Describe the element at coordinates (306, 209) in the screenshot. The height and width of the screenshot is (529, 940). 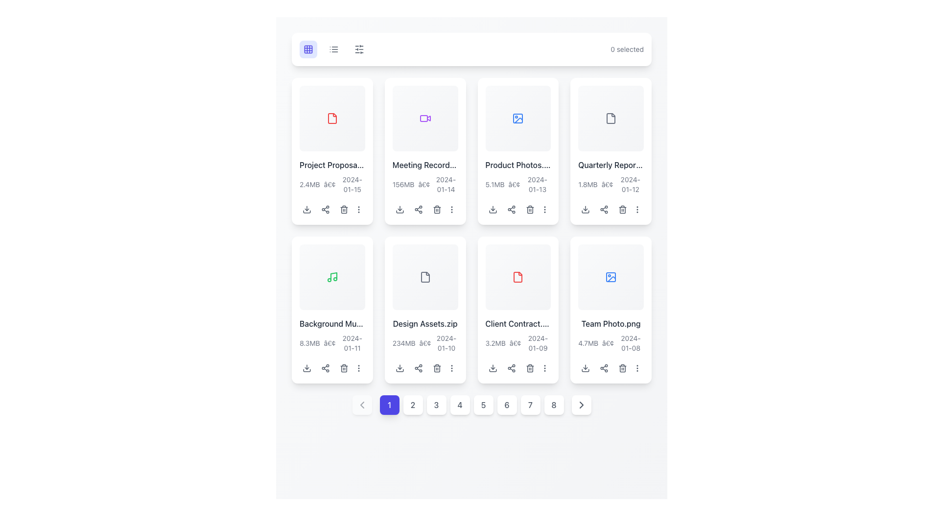
I see `the download button with a downward arrow icon located at the bottom-left corner of the 'Project Proposal.pdf' card to initiate the file download` at that location.